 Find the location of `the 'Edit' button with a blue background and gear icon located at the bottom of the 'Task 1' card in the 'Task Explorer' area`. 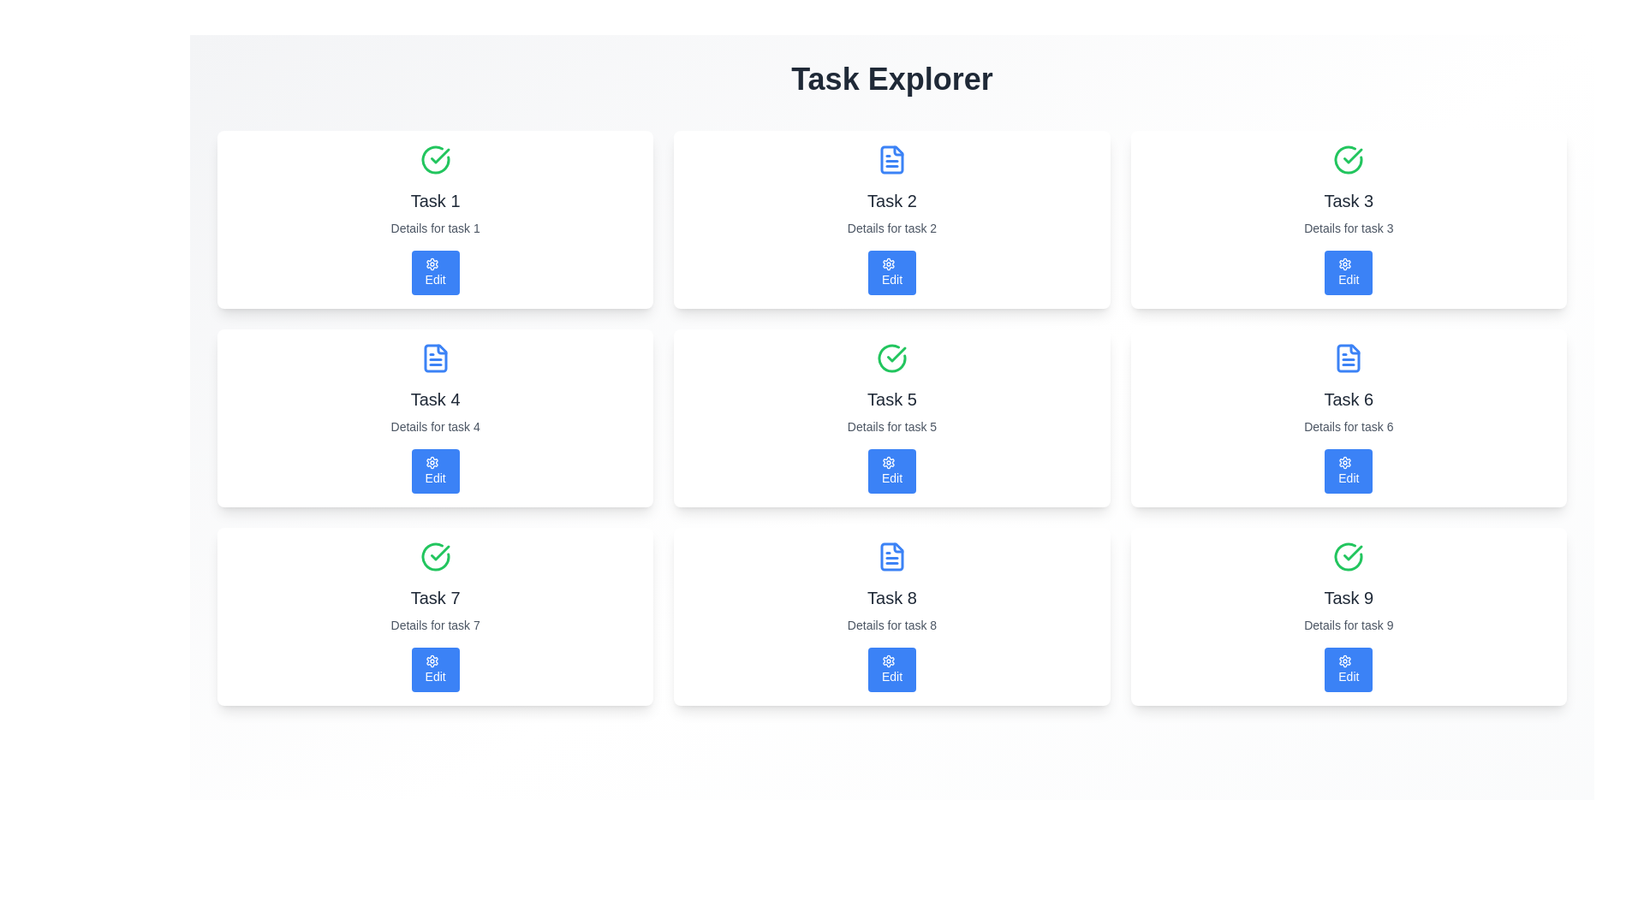

the 'Edit' button with a blue background and gear icon located at the bottom of the 'Task 1' card in the 'Task Explorer' area is located at coordinates (435, 272).